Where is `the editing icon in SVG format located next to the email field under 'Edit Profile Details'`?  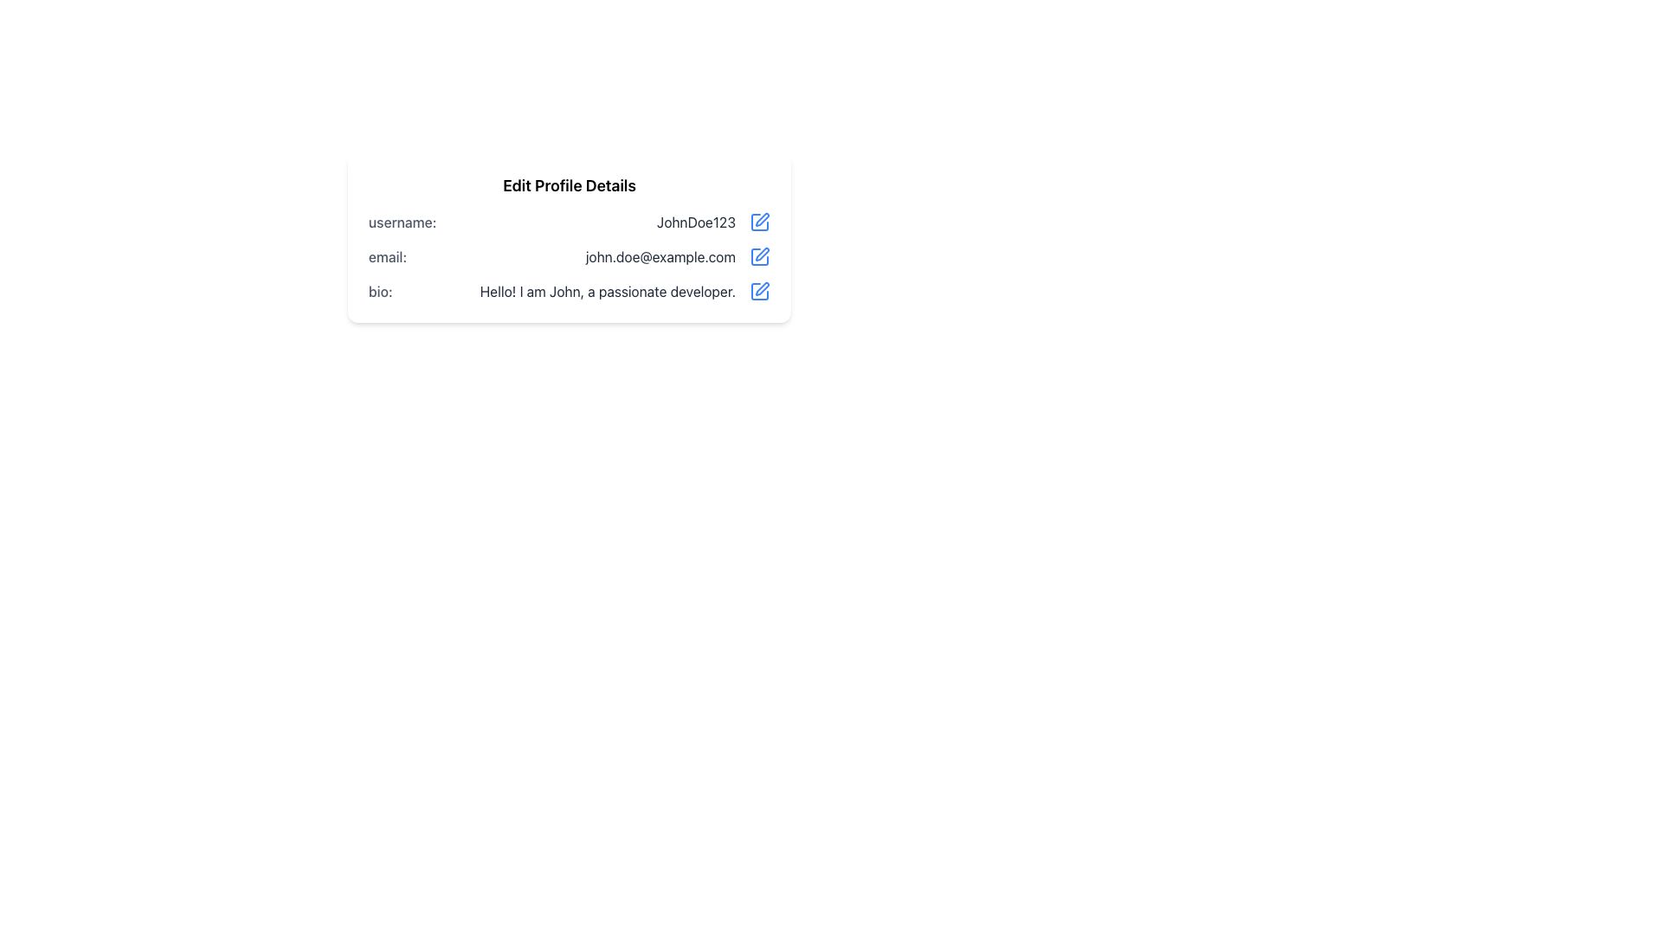
the editing icon in SVG format located next to the email field under 'Edit Profile Details' is located at coordinates (760, 257).